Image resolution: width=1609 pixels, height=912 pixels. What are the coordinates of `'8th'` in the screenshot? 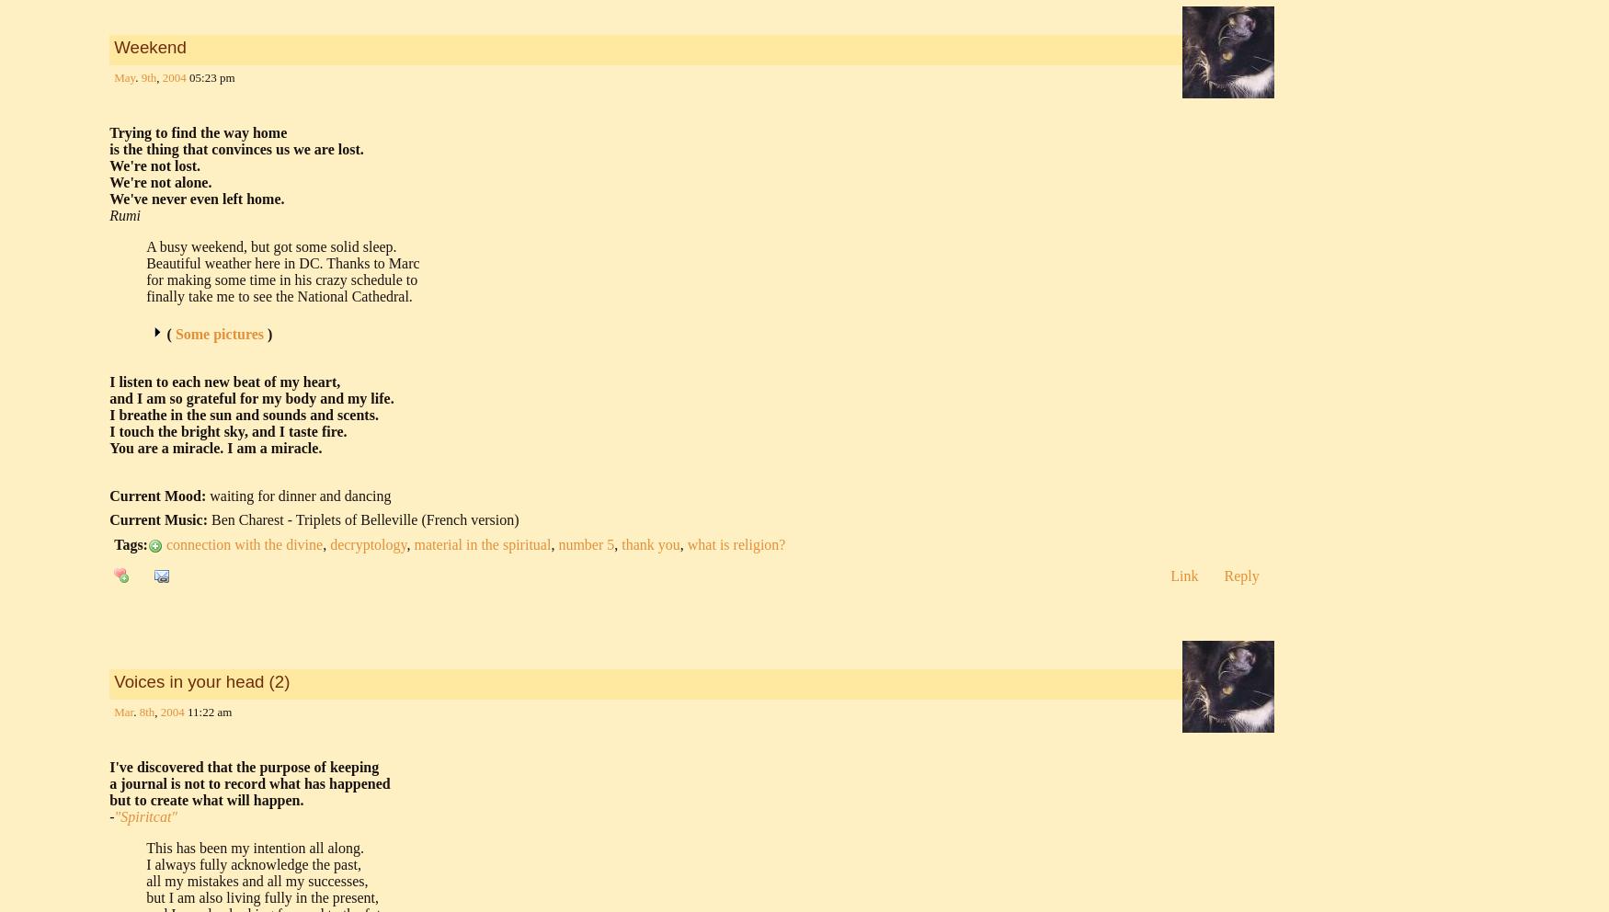 It's located at (145, 711).